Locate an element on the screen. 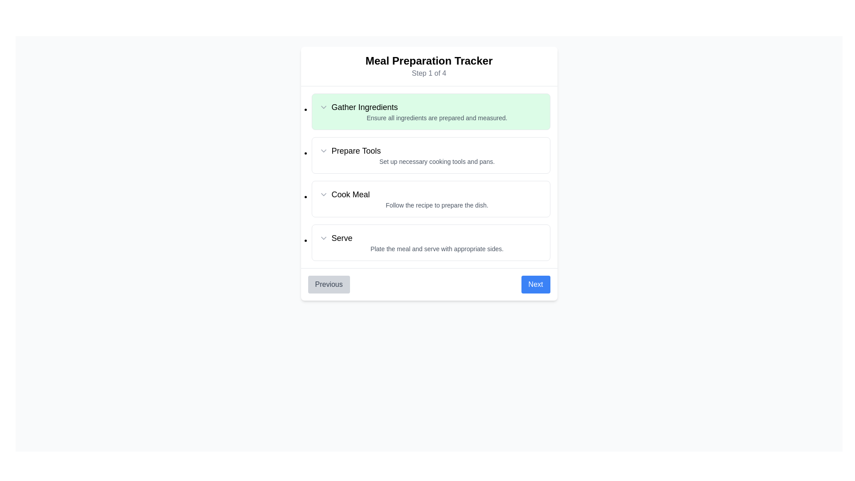 The width and height of the screenshot is (855, 481). the small-sized gray text reading 'Ensure all ingredients are prepared and measured.' which is horizontally centered beneath the bold header 'Gather Ingredients' in the 'Meal Preparation Tracker' interface is located at coordinates (437, 118).